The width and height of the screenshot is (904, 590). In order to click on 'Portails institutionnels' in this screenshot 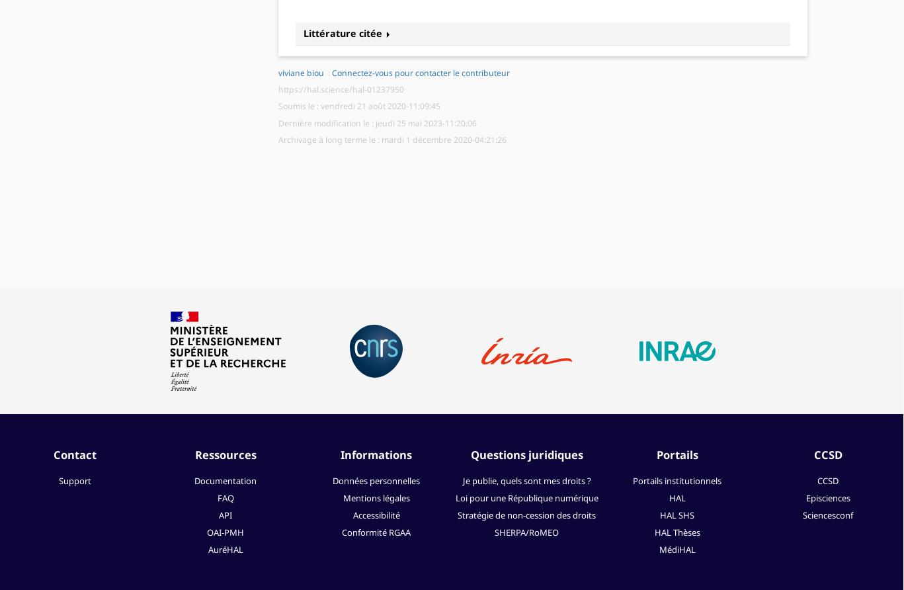, I will do `click(677, 480)`.